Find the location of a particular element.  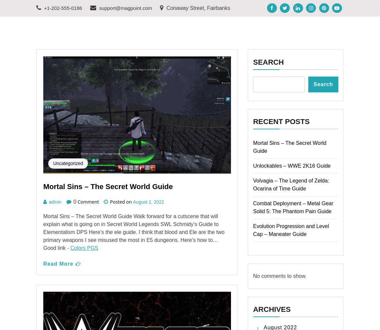

'Playstation games' is located at coordinates (76, 19).